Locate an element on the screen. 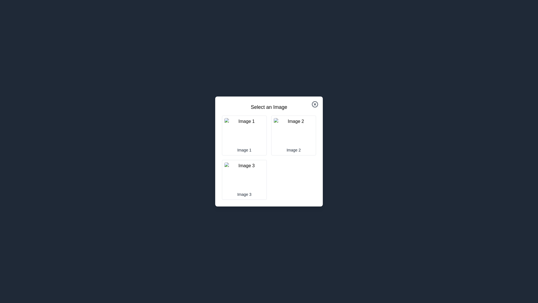 The height and width of the screenshot is (303, 538). the close button to close the dialog is located at coordinates (315, 104).